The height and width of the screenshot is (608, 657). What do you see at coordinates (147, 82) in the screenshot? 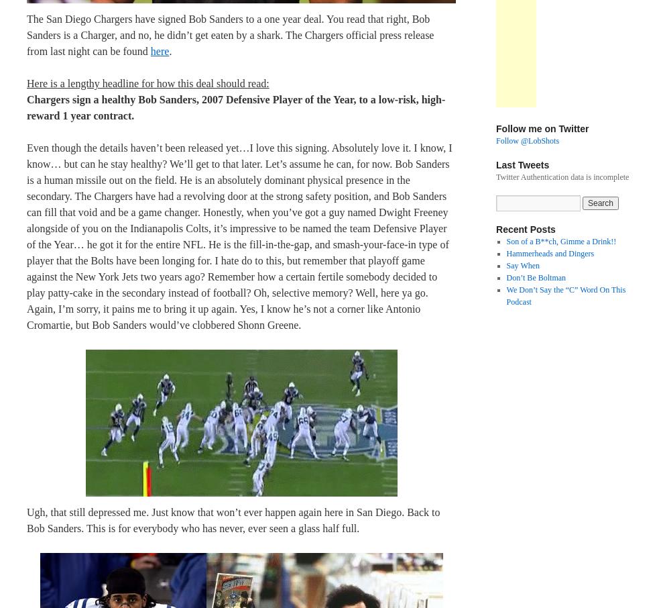
I see `'Here is a lengthy headline for how this deal should read:'` at bounding box center [147, 82].